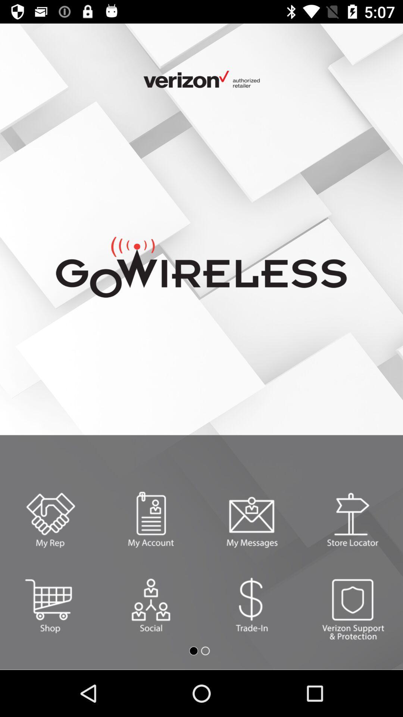  I want to click on support, so click(353, 605).